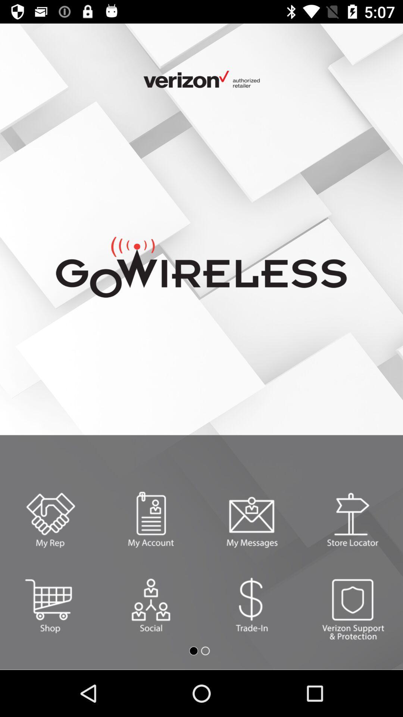  I want to click on support, so click(353, 605).